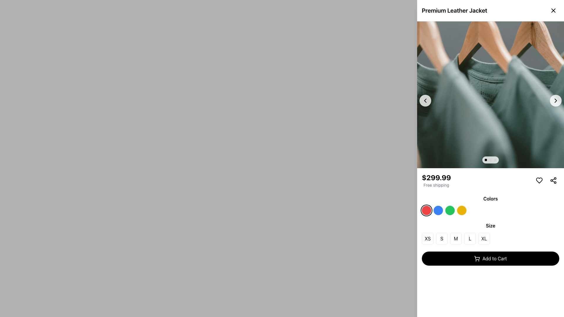 Image resolution: width=564 pixels, height=317 pixels. Describe the element at coordinates (436, 177) in the screenshot. I see `the price text label that displays the product price, which is located at the top of a text cluster beneath an image of green jackets` at that location.